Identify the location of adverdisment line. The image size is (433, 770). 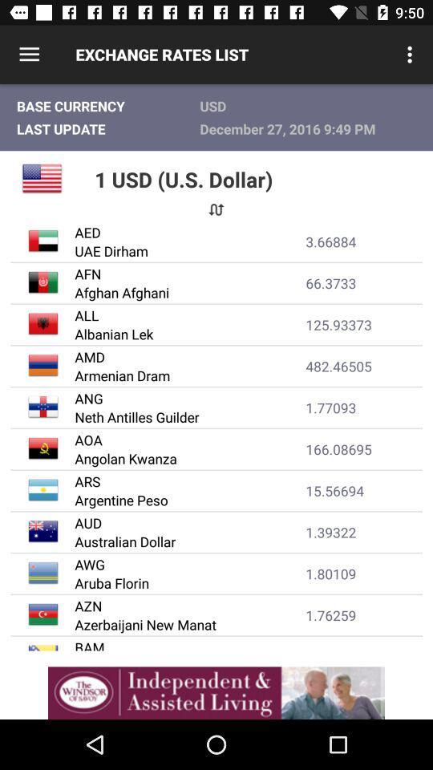
(216, 692).